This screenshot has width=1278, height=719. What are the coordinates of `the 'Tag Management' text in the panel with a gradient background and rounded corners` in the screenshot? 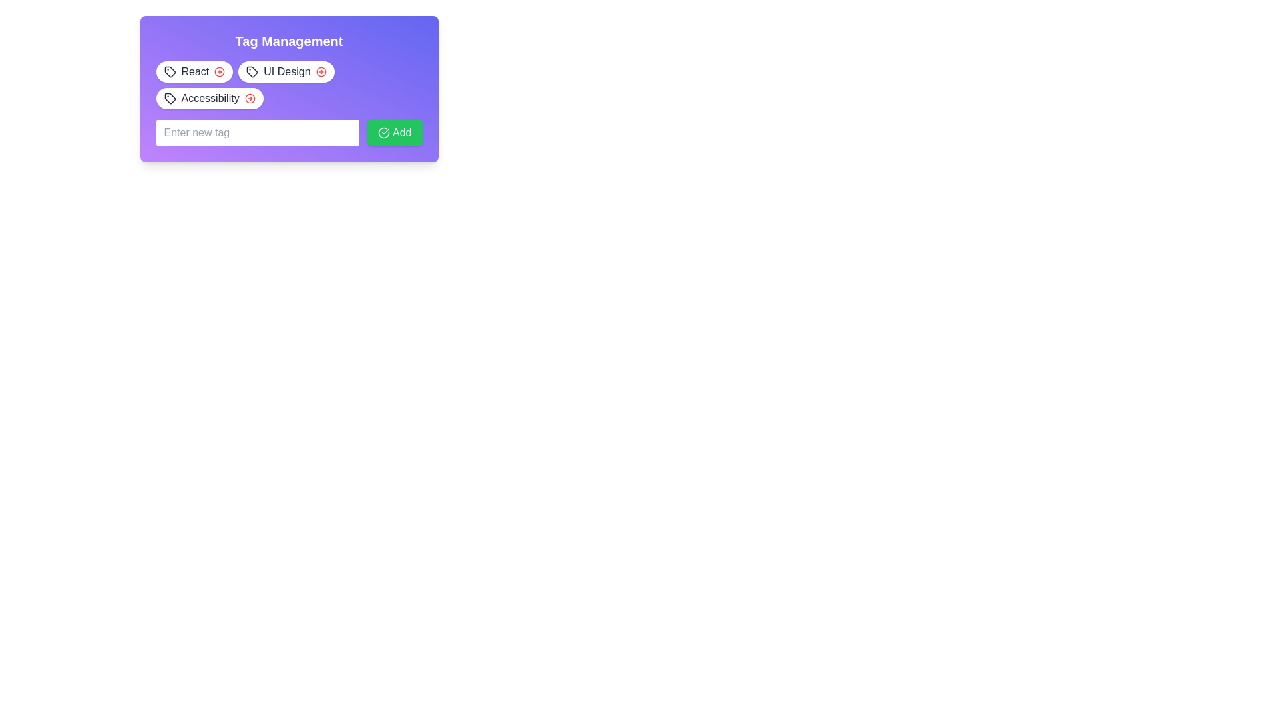 It's located at (288, 89).